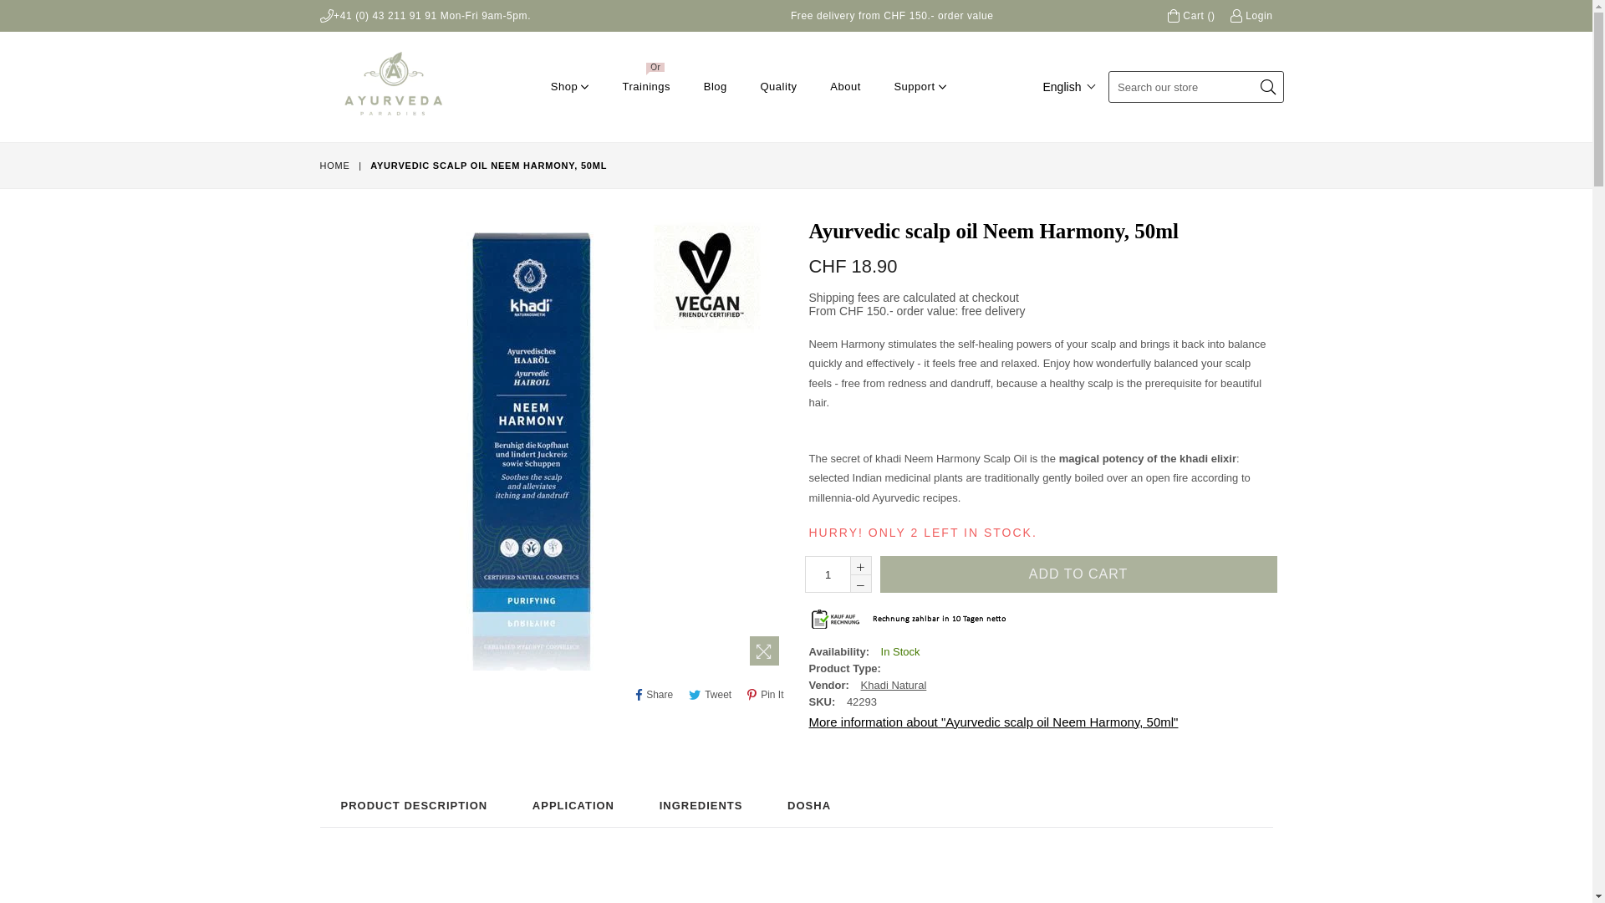  I want to click on 'INGREDIENTS', so click(701, 804).